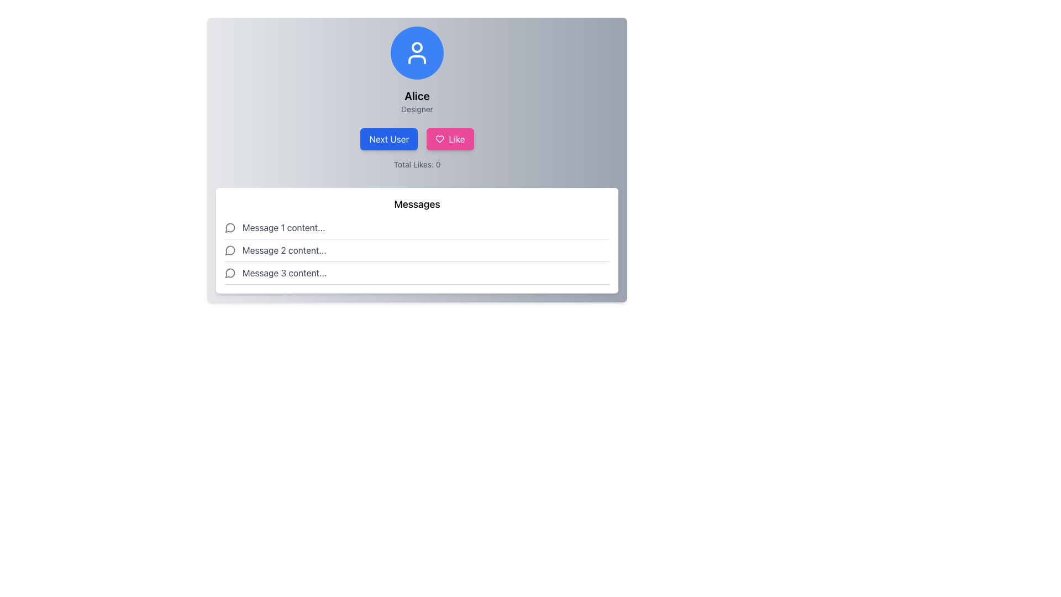 This screenshot has height=597, width=1061. What do you see at coordinates (416, 46) in the screenshot?
I see `the non-interactive decorative circle element of the user avatar, which is located above the text displaying 'Alice' and the buttons labeled 'Next User' and 'Like'` at bounding box center [416, 46].